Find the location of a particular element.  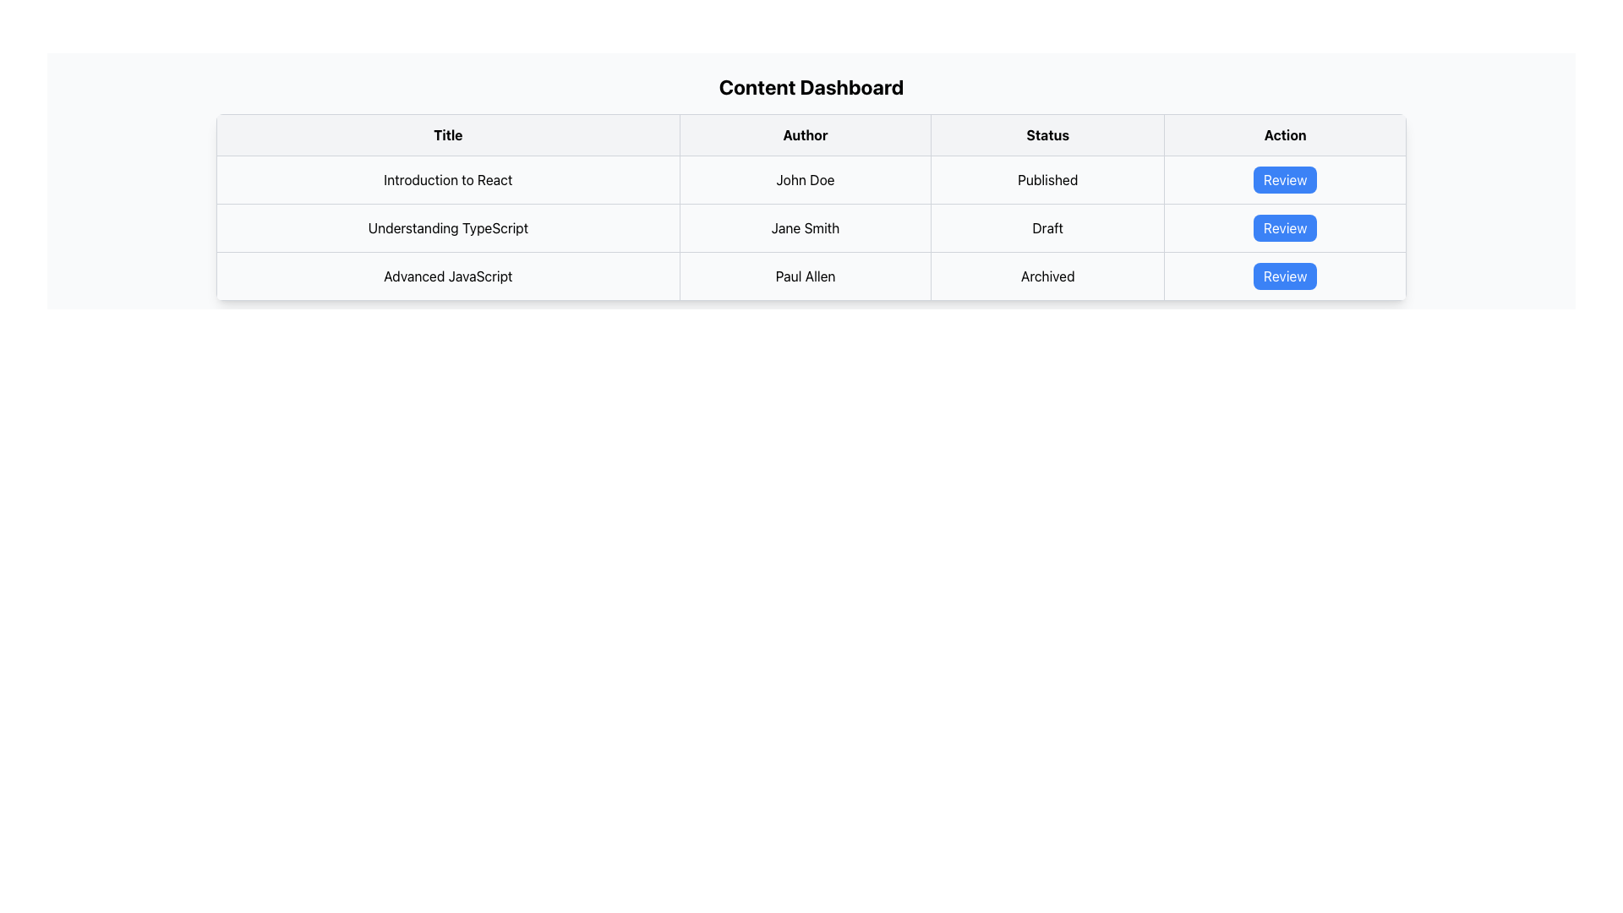

the table header cell labeled 'Title', which is the first column header in the table at the top-left part of the table is located at coordinates (448, 134).